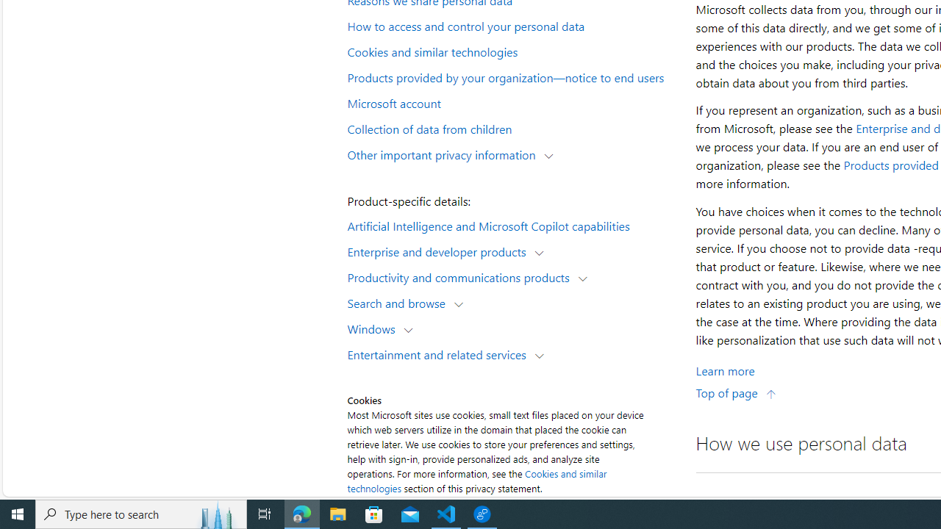  What do you see at coordinates (736, 392) in the screenshot?
I see `'Top of page'` at bounding box center [736, 392].